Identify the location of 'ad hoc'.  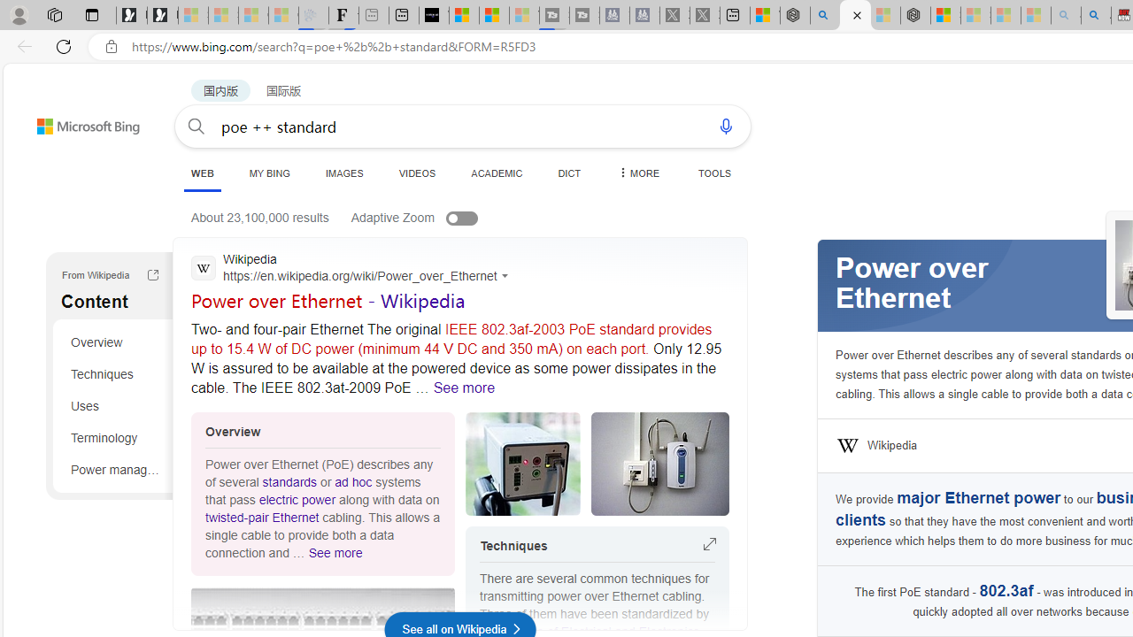
(353, 482).